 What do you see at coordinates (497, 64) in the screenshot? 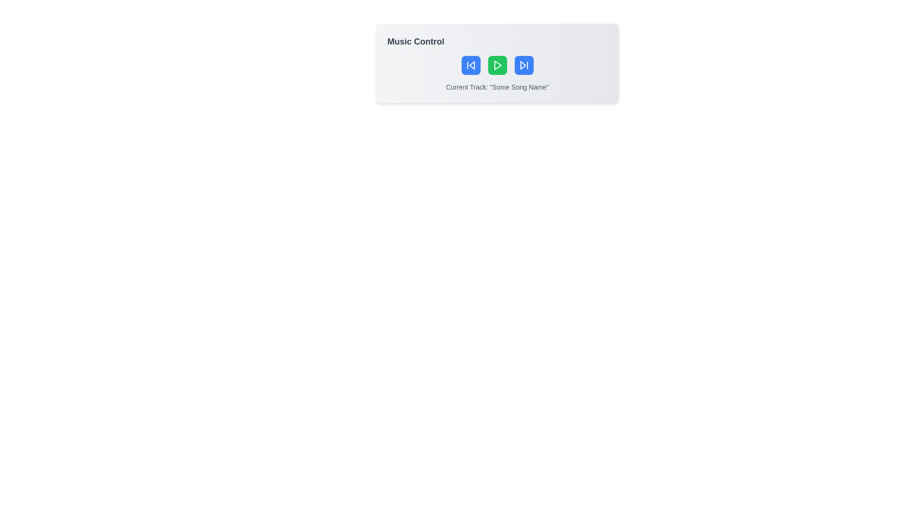
I see `the interactive music playback panel` at bounding box center [497, 64].